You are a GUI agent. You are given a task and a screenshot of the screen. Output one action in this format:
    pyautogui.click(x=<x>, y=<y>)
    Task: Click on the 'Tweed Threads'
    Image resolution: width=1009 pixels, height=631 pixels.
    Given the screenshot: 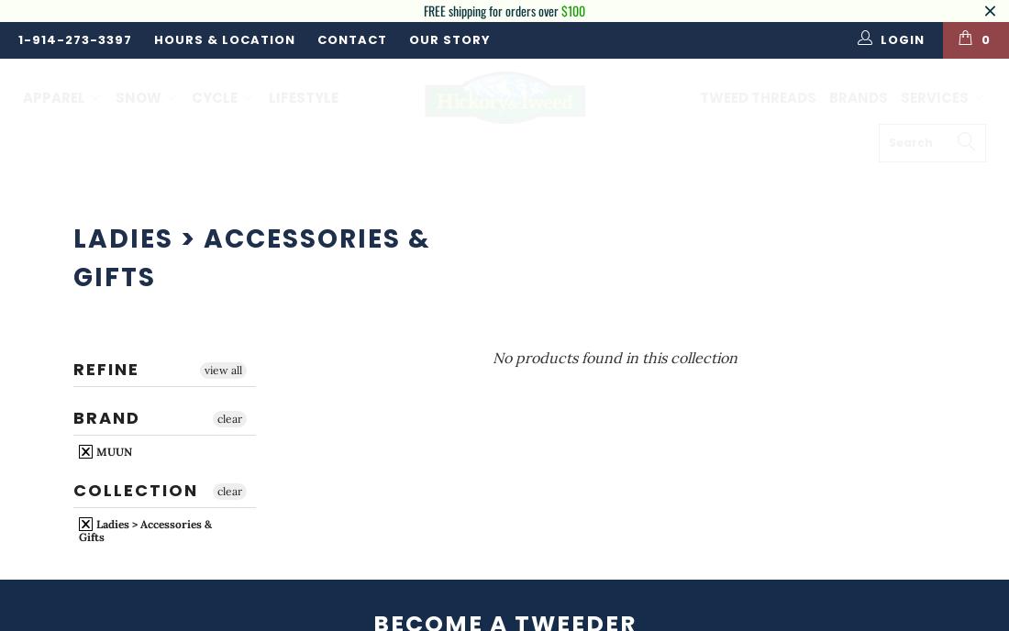 What is the action you would take?
    pyautogui.click(x=757, y=95)
    